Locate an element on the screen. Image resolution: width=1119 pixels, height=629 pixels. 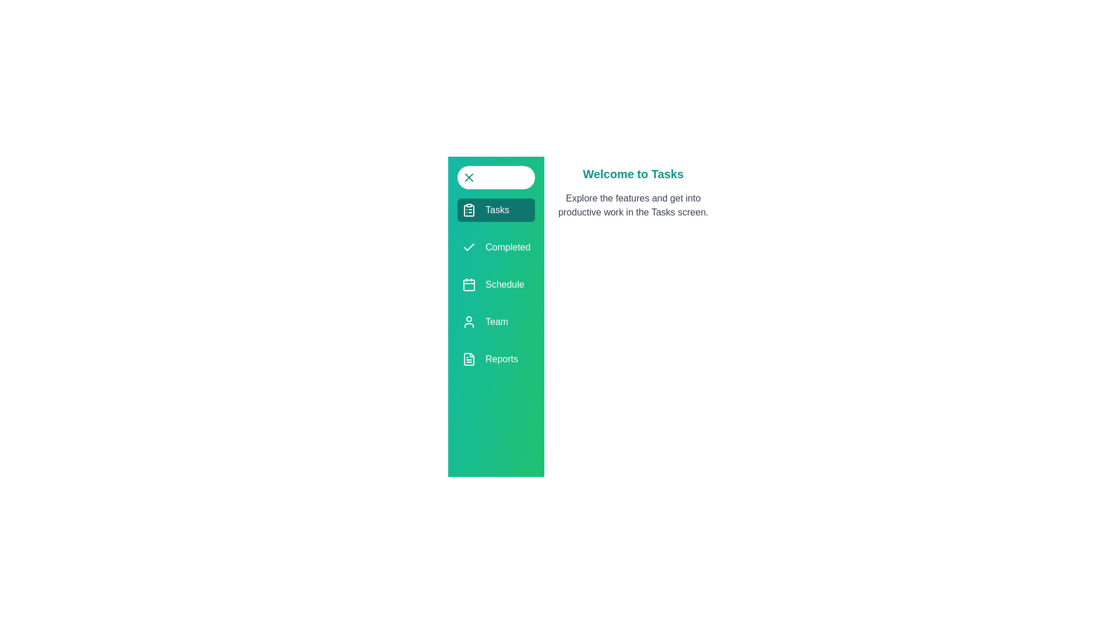
the menu option Reports in the drawer is located at coordinates (496, 359).